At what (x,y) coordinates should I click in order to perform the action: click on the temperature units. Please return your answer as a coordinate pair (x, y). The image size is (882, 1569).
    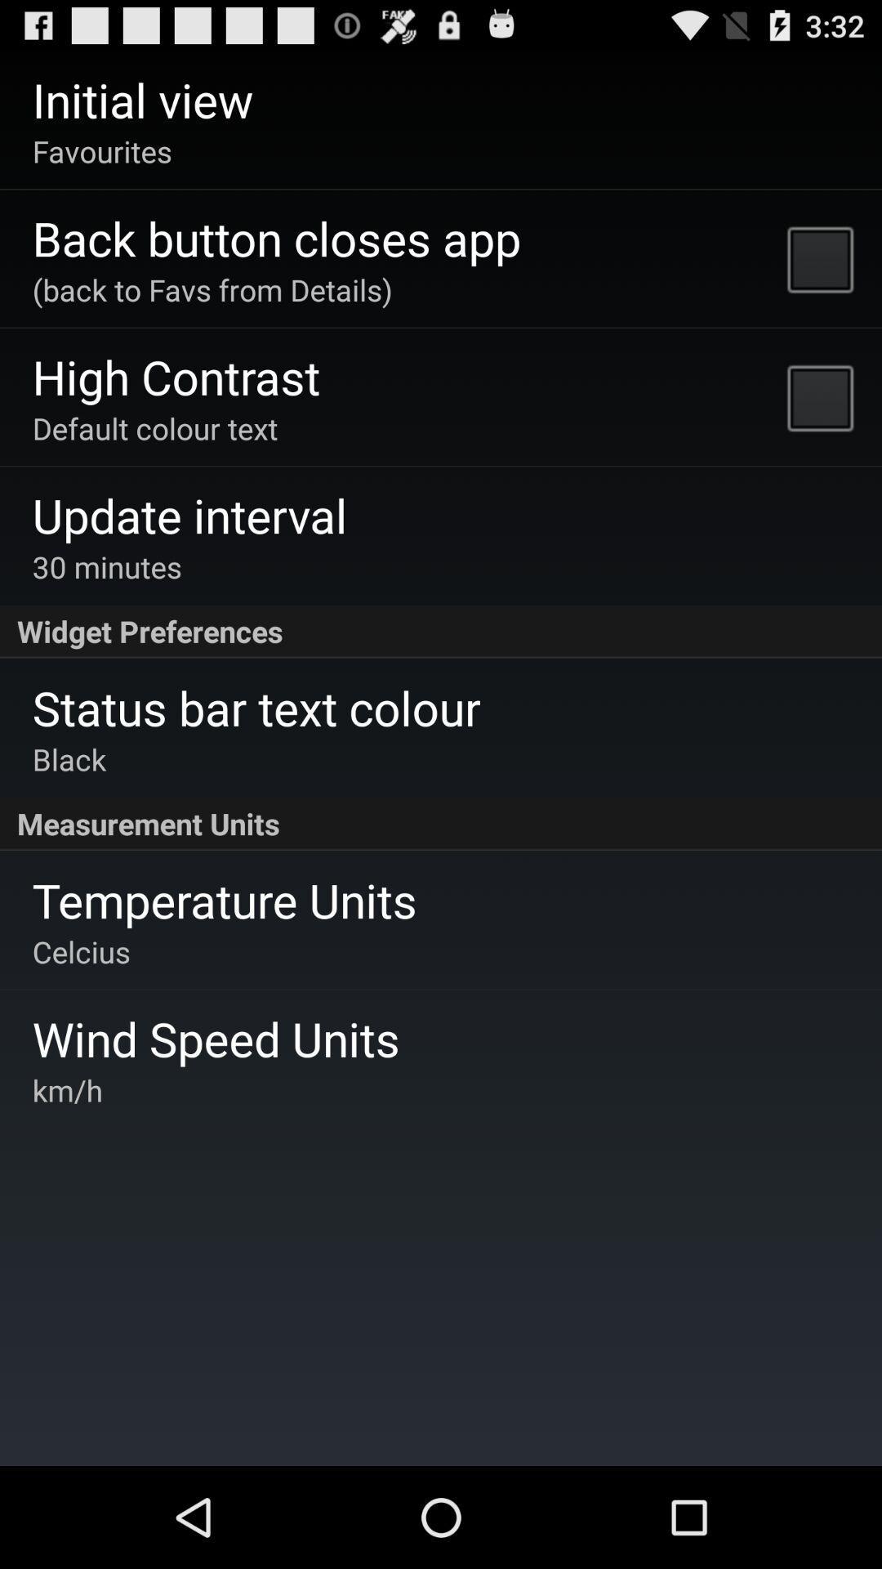
    Looking at the image, I should click on (225, 899).